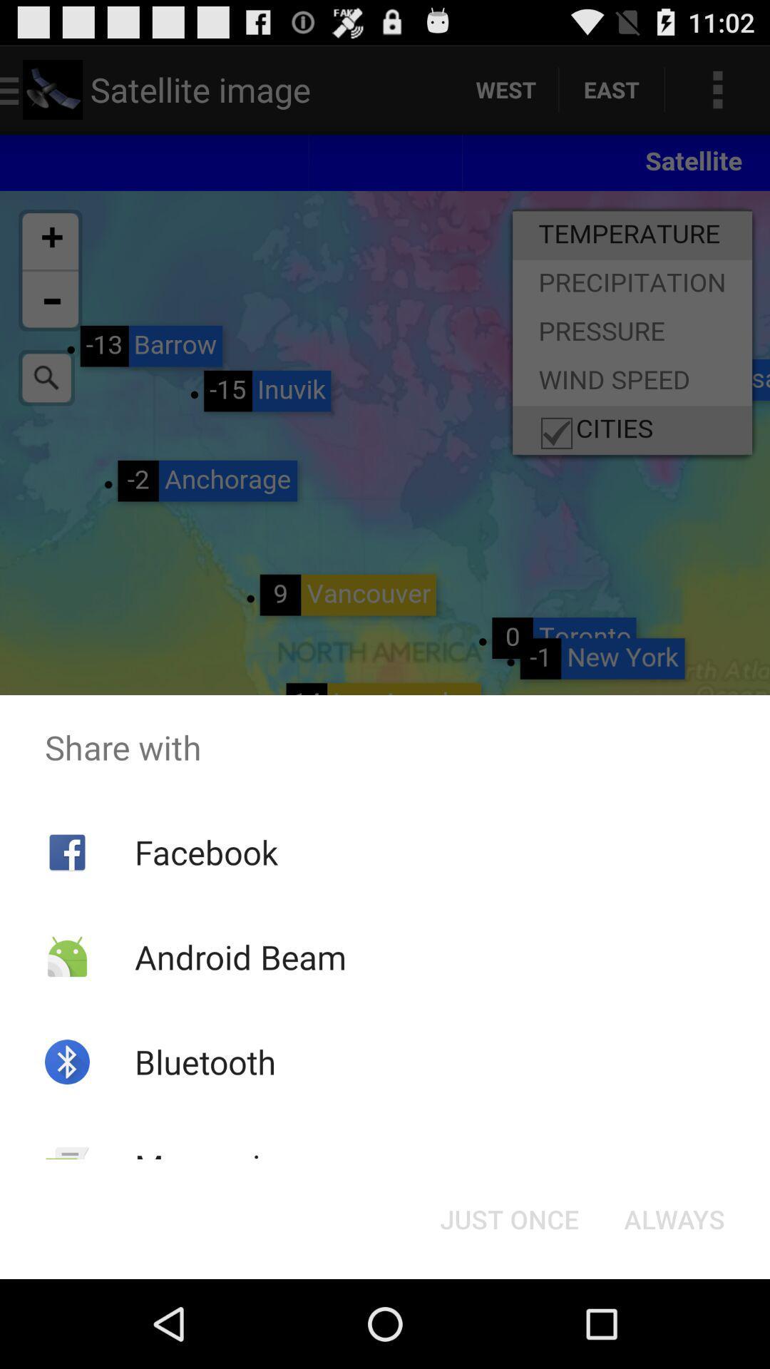 This screenshot has height=1369, width=770. Describe the element at coordinates (216, 1167) in the screenshot. I see `button to the left of just once icon` at that location.